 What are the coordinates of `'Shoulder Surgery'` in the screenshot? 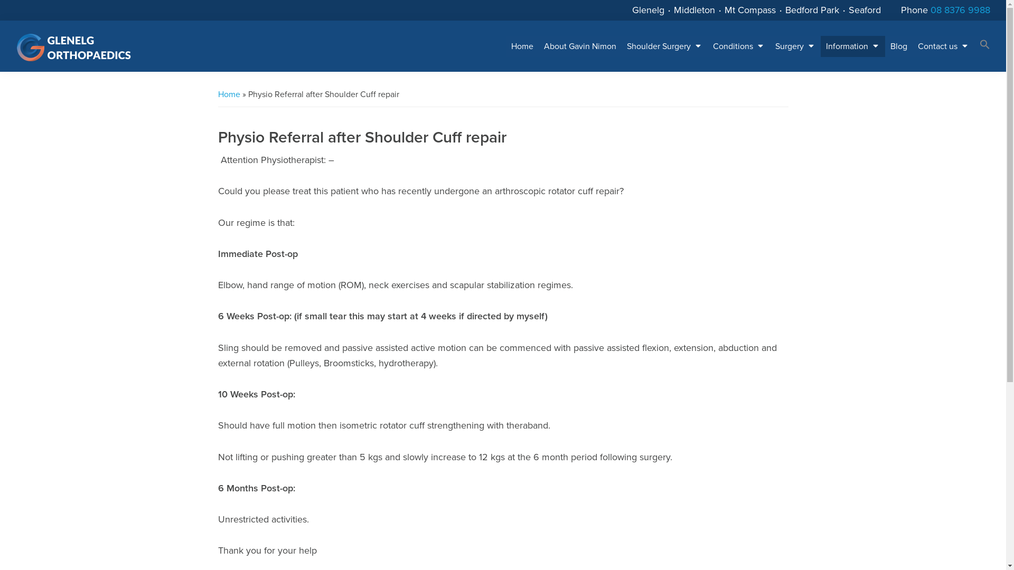 It's located at (621, 46).